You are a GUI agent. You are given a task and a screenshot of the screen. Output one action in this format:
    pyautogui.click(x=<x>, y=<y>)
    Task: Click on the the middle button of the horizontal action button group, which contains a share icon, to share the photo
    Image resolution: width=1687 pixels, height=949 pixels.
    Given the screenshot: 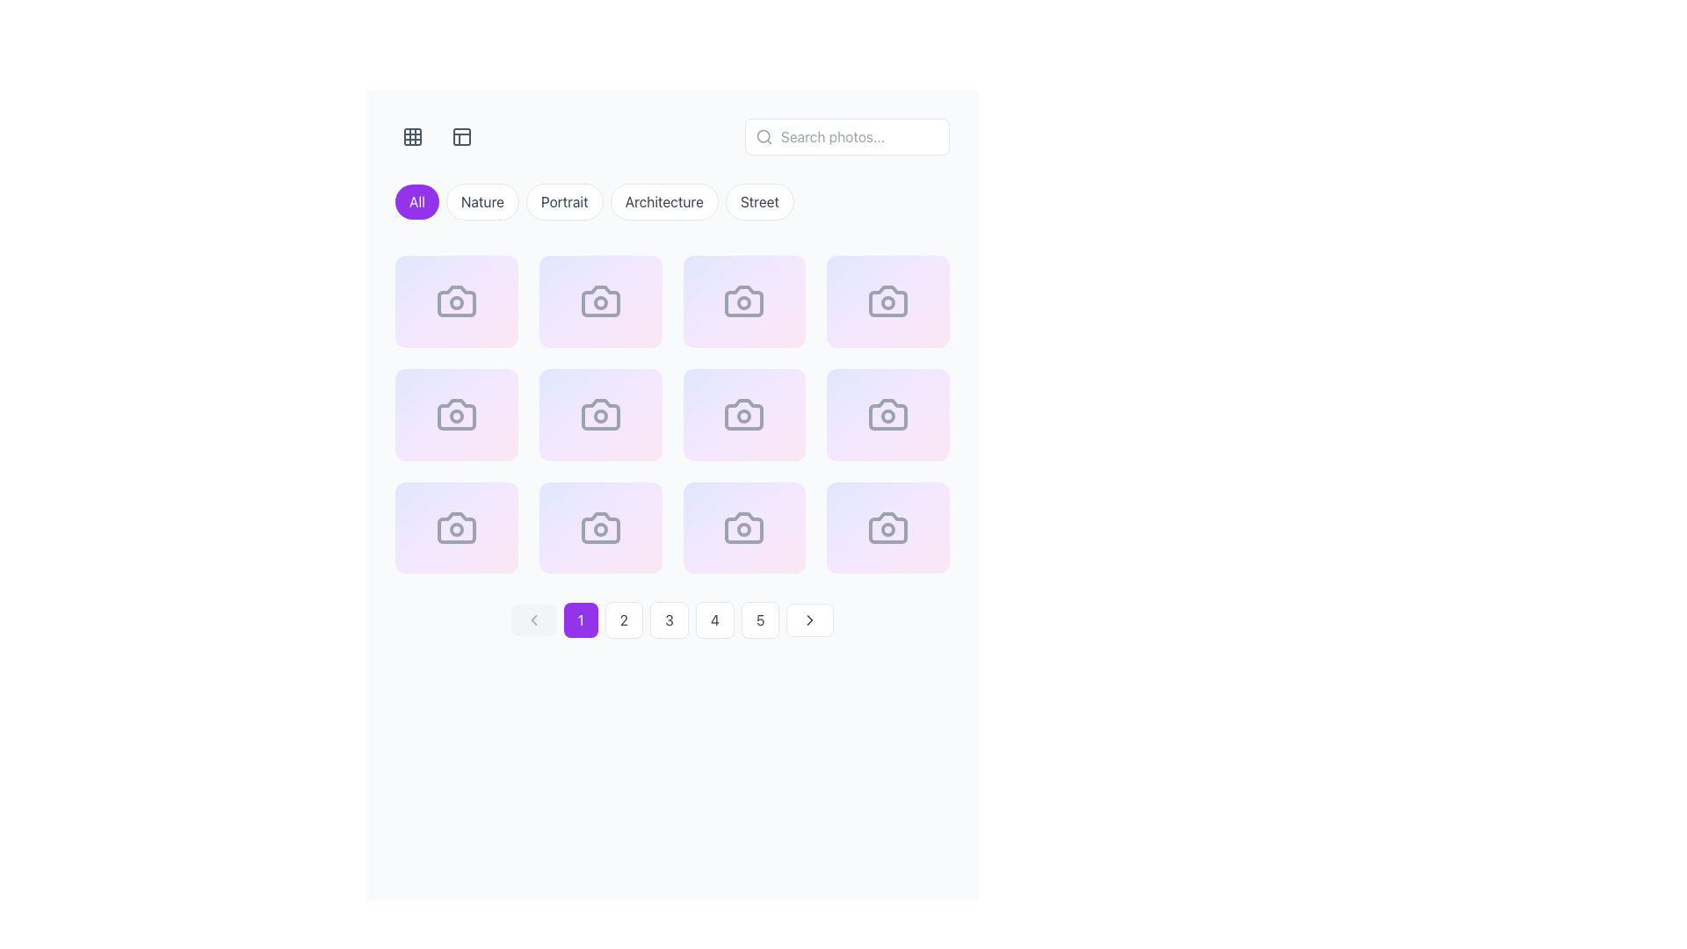 What is the action you would take?
    pyautogui.click(x=600, y=318)
    